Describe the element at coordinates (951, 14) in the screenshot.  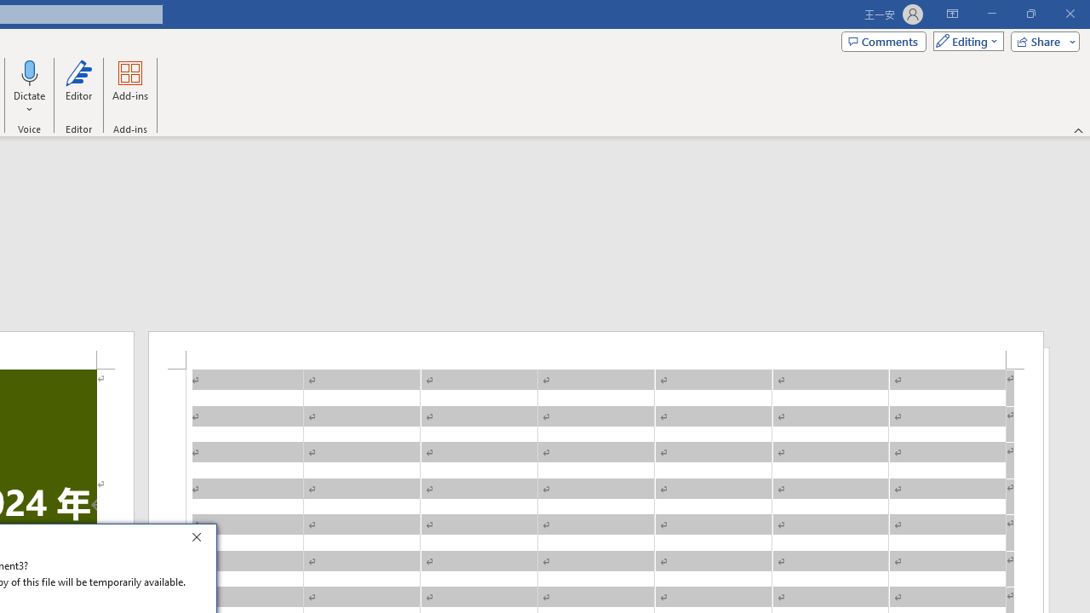
I see `'Ribbon Display Options'` at that location.